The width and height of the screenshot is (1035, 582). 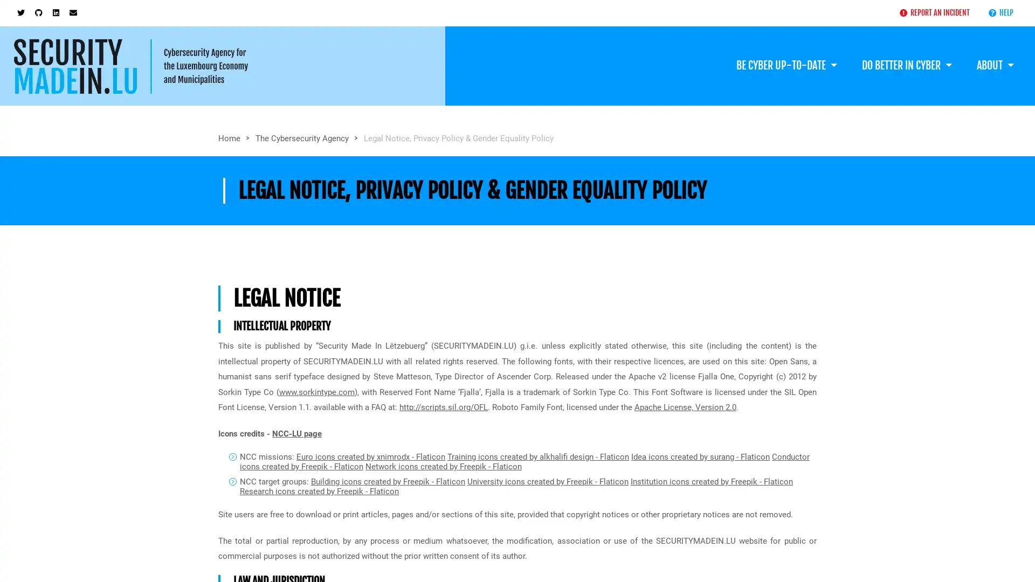 What do you see at coordinates (995, 58) in the screenshot?
I see `ABOUT` at bounding box center [995, 58].